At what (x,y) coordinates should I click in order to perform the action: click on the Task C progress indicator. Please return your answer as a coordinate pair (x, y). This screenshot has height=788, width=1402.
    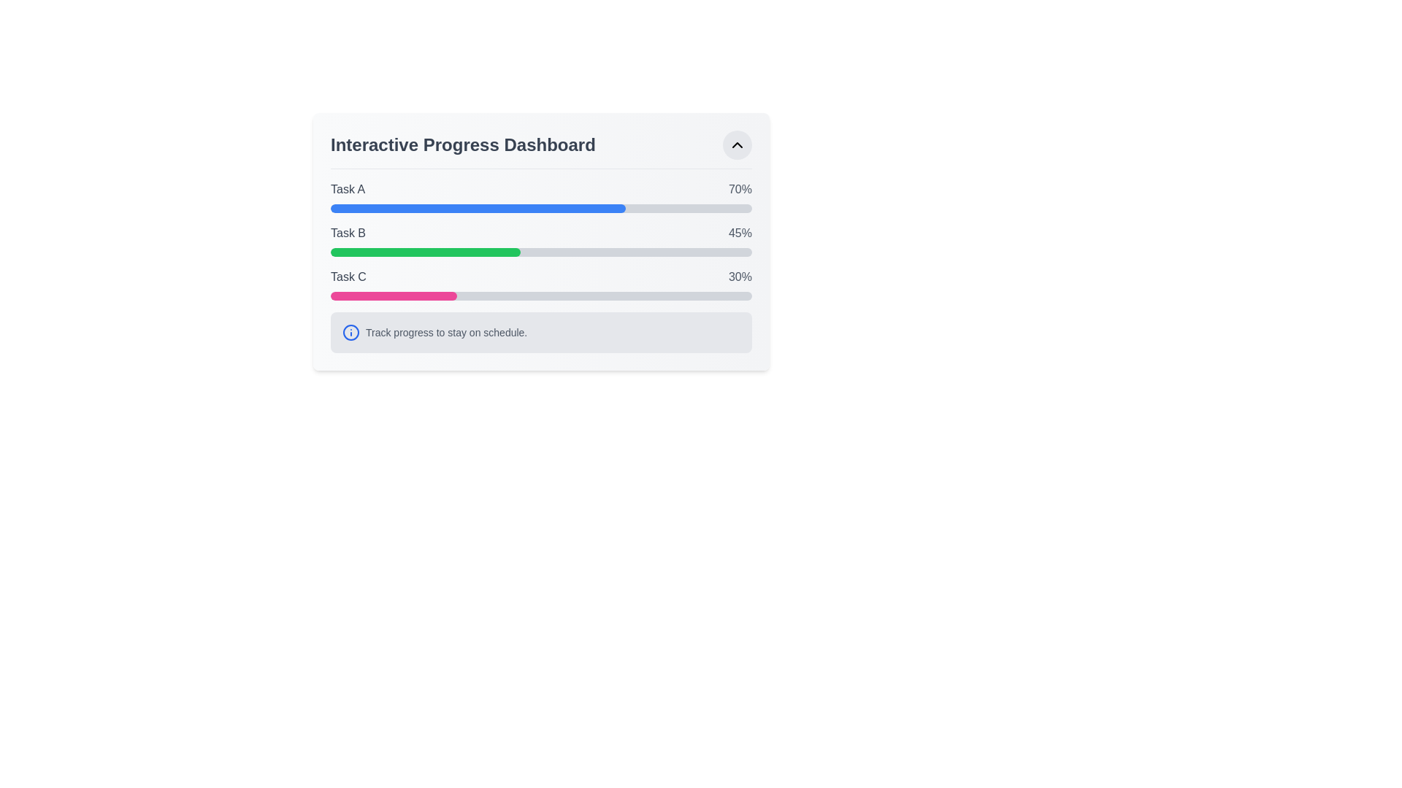
    Looking at the image, I should click on (540, 284).